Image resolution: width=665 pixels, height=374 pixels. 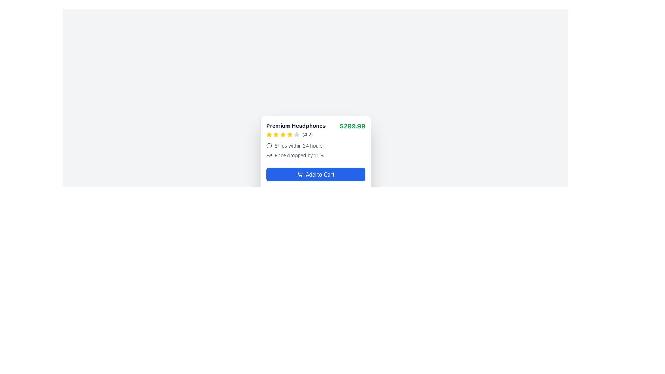 What do you see at coordinates (290, 135) in the screenshot?
I see `the fifth star icon in the rating system located at the bottom left part of the card-like widget, beneath the title and price information` at bounding box center [290, 135].